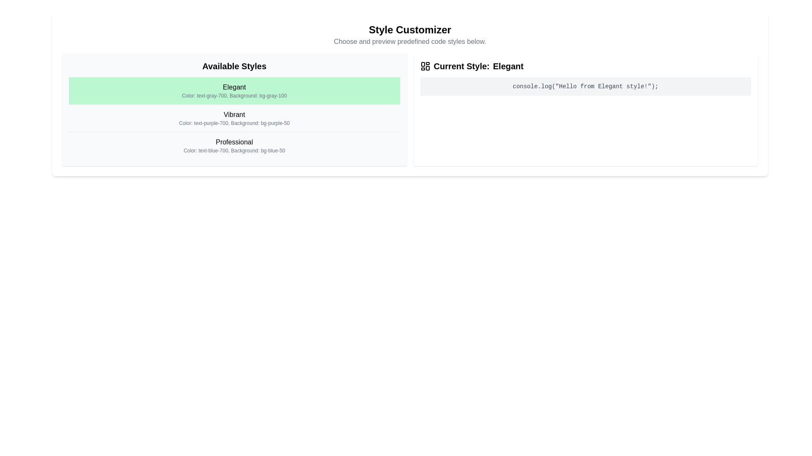  Describe the element at coordinates (234, 115) in the screenshot. I see `the text label displaying 'Vibrant', which is centrally aligned within the 'Available Styles' section and positioned above the descriptive text for this style` at that location.